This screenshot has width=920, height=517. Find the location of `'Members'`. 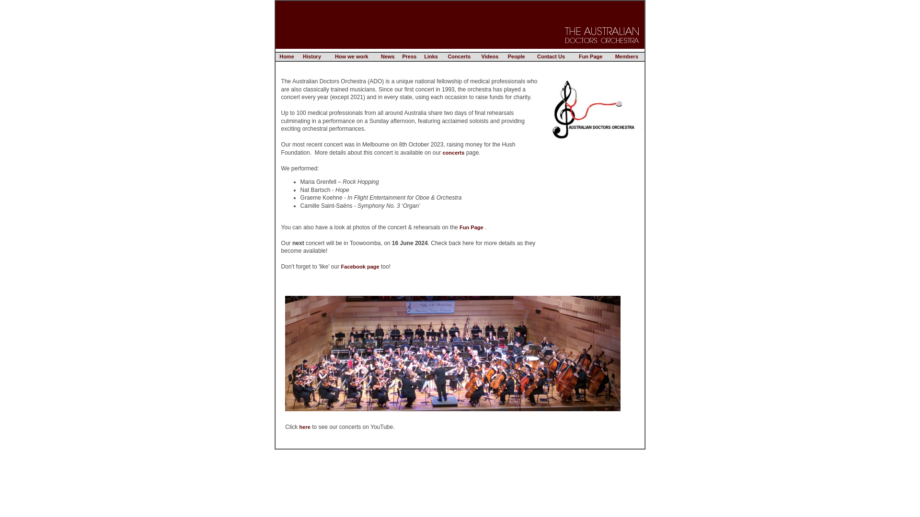

'Members' is located at coordinates (626, 56).